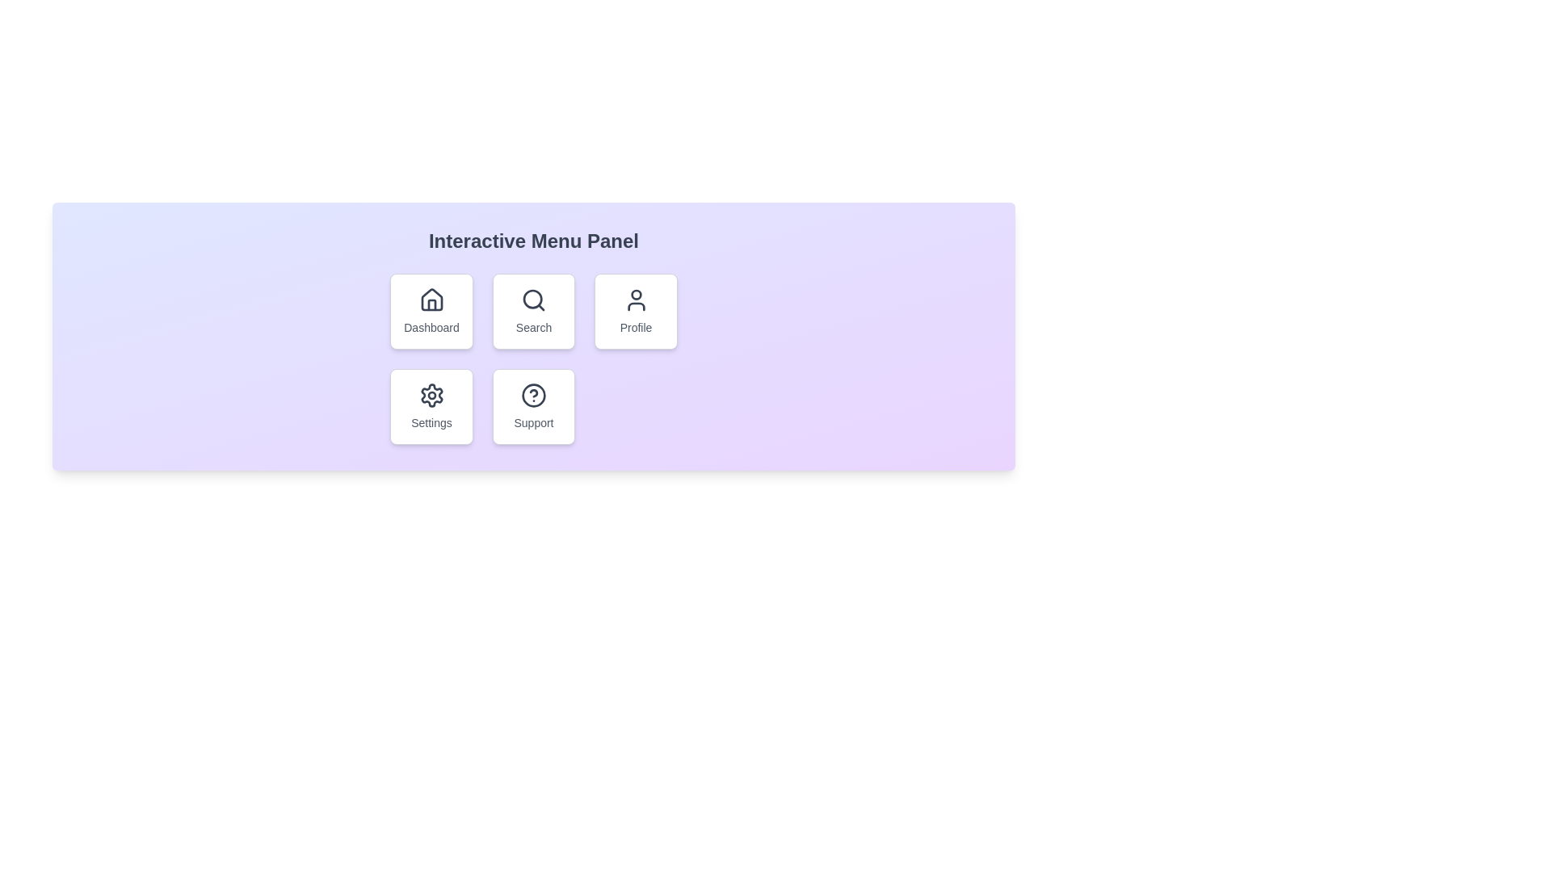 This screenshot has height=872, width=1551. What do you see at coordinates (534, 422) in the screenshot?
I see `text label providing a description for the Support section located at the bottom of the UI component with a rounded white background, positioned in the bottom-right quadrant of the menu interface` at bounding box center [534, 422].